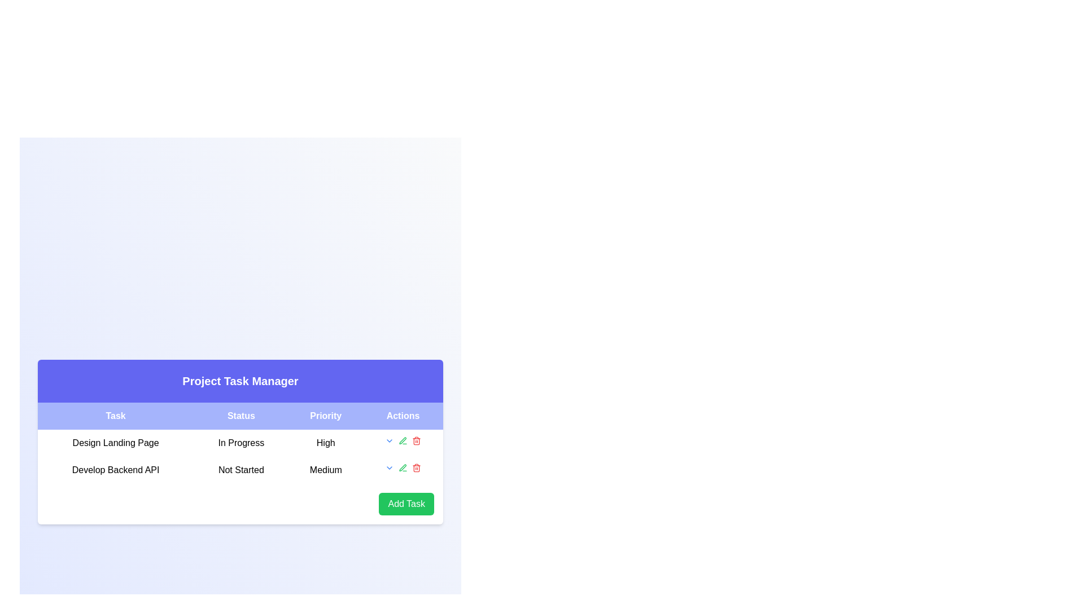 The image size is (1084, 609). Describe the element at coordinates (403, 440) in the screenshot. I see `the stylized pen icon located in the 'Actions' column of the second row of the project task table` at that location.